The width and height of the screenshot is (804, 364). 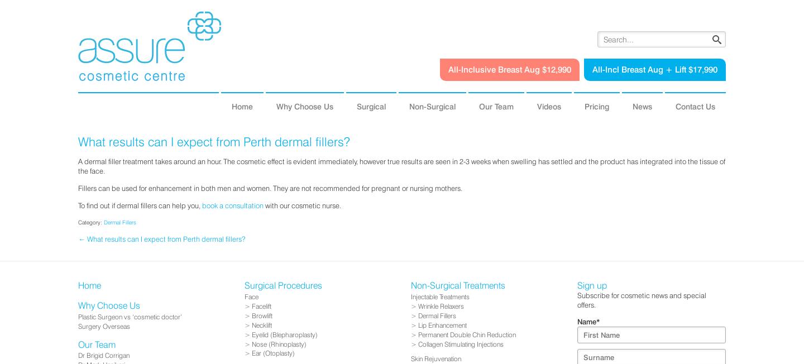 What do you see at coordinates (655, 69) in the screenshot?
I see `'All-Incl Breast Aug + Lift $17,990'` at bounding box center [655, 69].